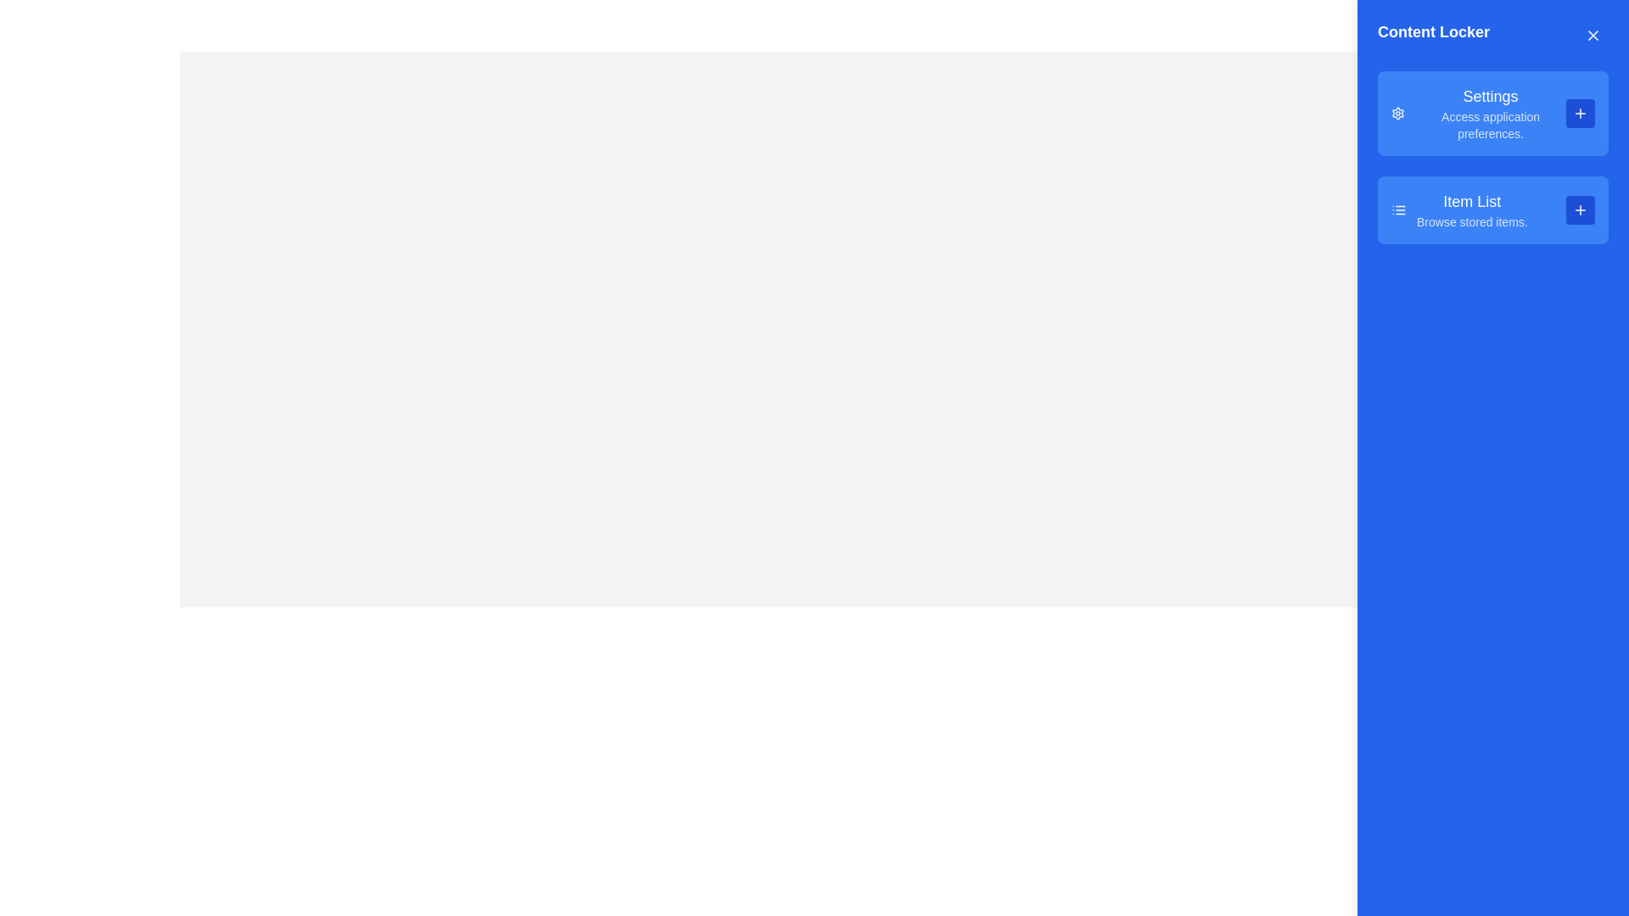 Image resolution: width=1629 pixels, height=916 pixels. I want to click on the interactive text block located in the blue sidebar, positioned as the second item below 'Settings', so click(1471, 209).